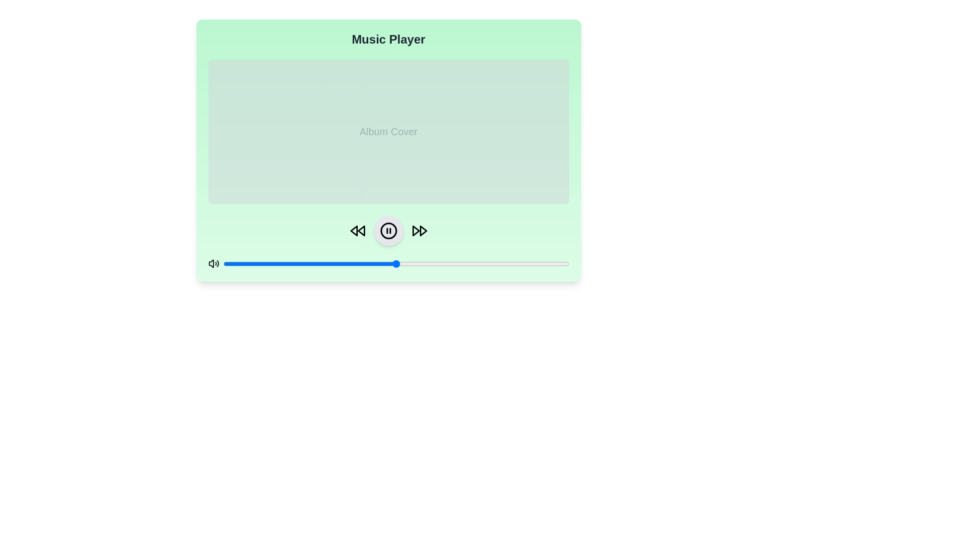 The height and width of the screenshot is (541, 962). What do you see at coordinates (248, 263) in the screenshot?
I see `the slider position` at bounding box center [248, 263].